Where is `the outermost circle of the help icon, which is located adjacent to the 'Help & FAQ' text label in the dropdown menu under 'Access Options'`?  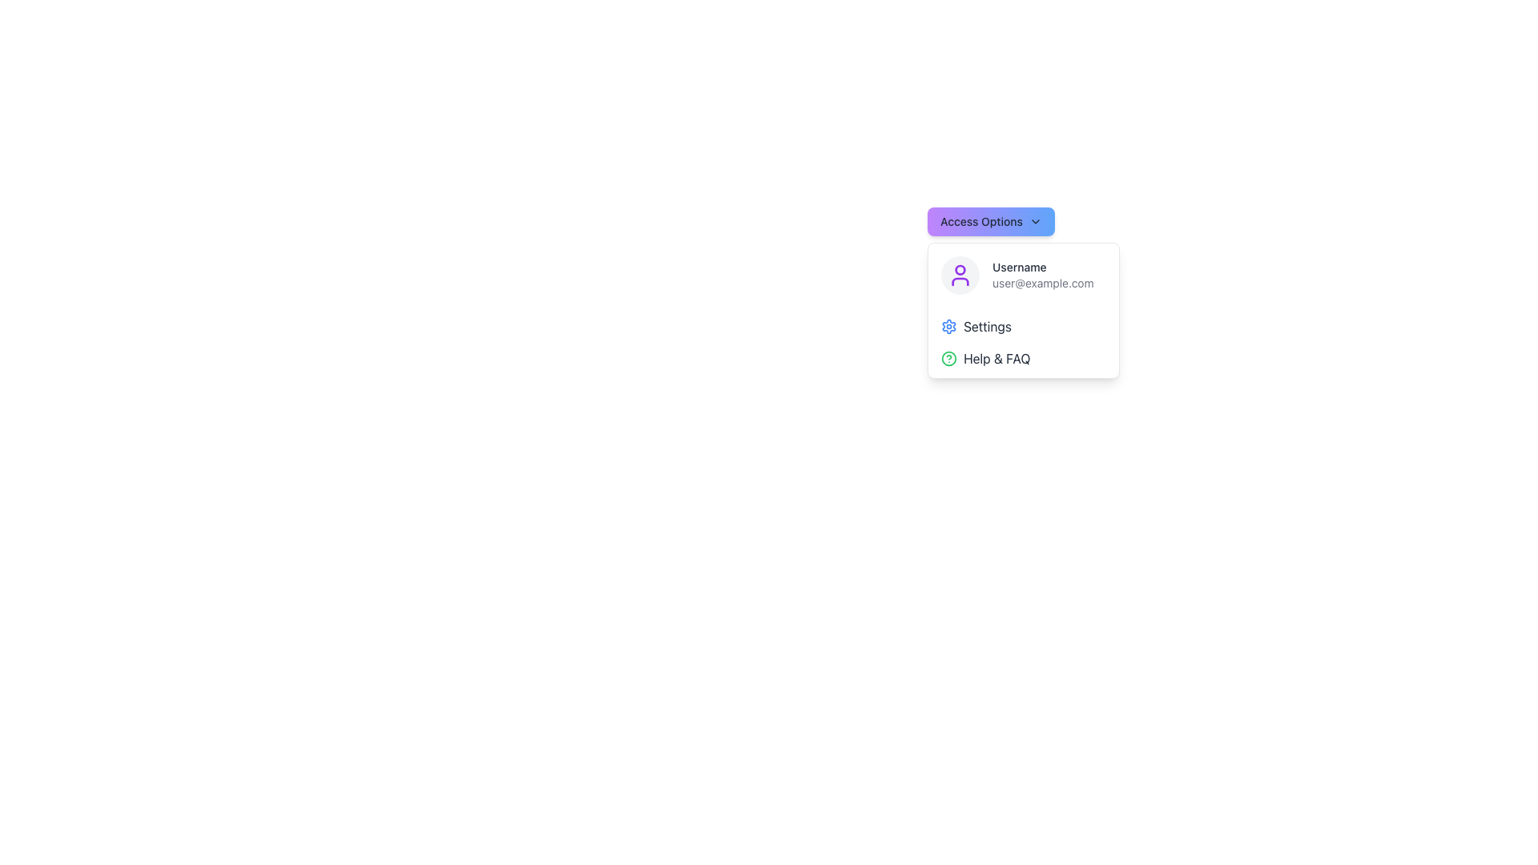 the outermost circle of the help icon, which is located adjacent to the 'Help & FAQ' text label in the dropdown menu under 'Access Options' is located at coordinates (949, 357).